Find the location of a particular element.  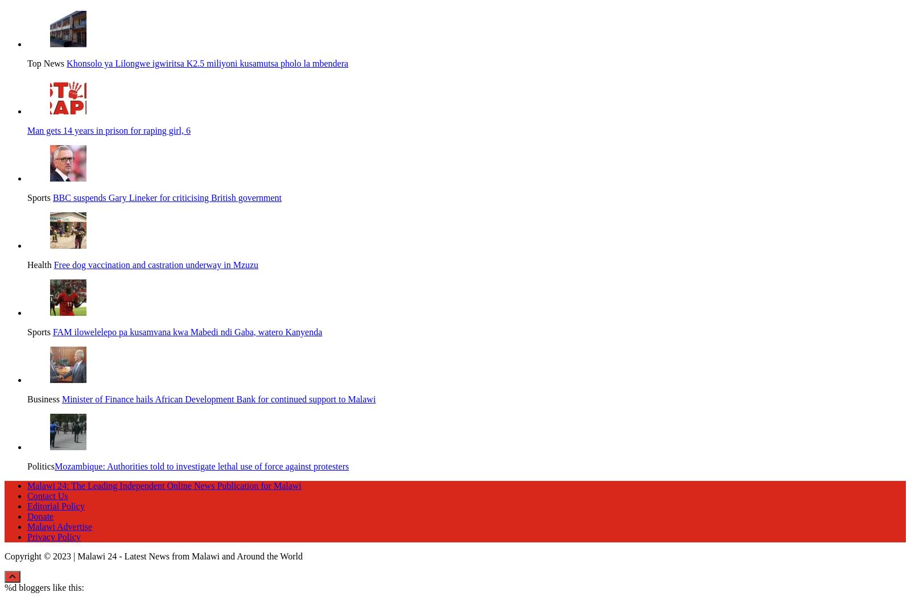

'​​​Mozambique: Authorities told to investigate lethal use of force against protesters' is located at coordinates (201, 464).